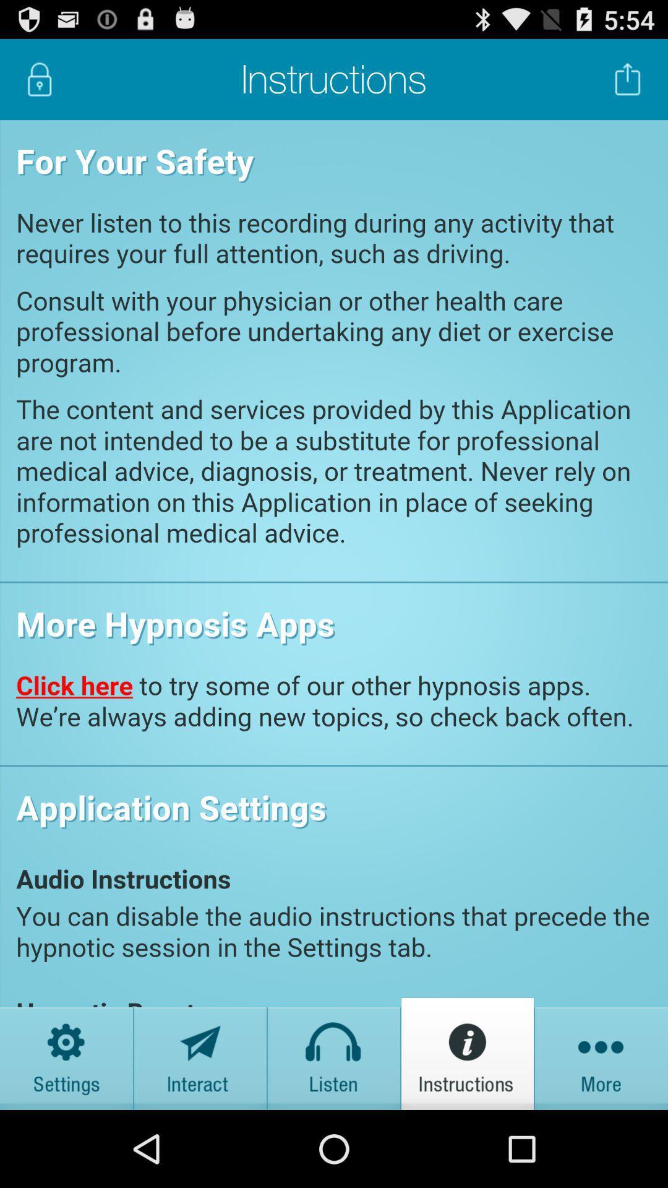 This screenshot has height=1188, width=668. What do you see at coordinates (334, 1127) in the screenshot?
I see `the home icon` at bounding box center [334, 1127].